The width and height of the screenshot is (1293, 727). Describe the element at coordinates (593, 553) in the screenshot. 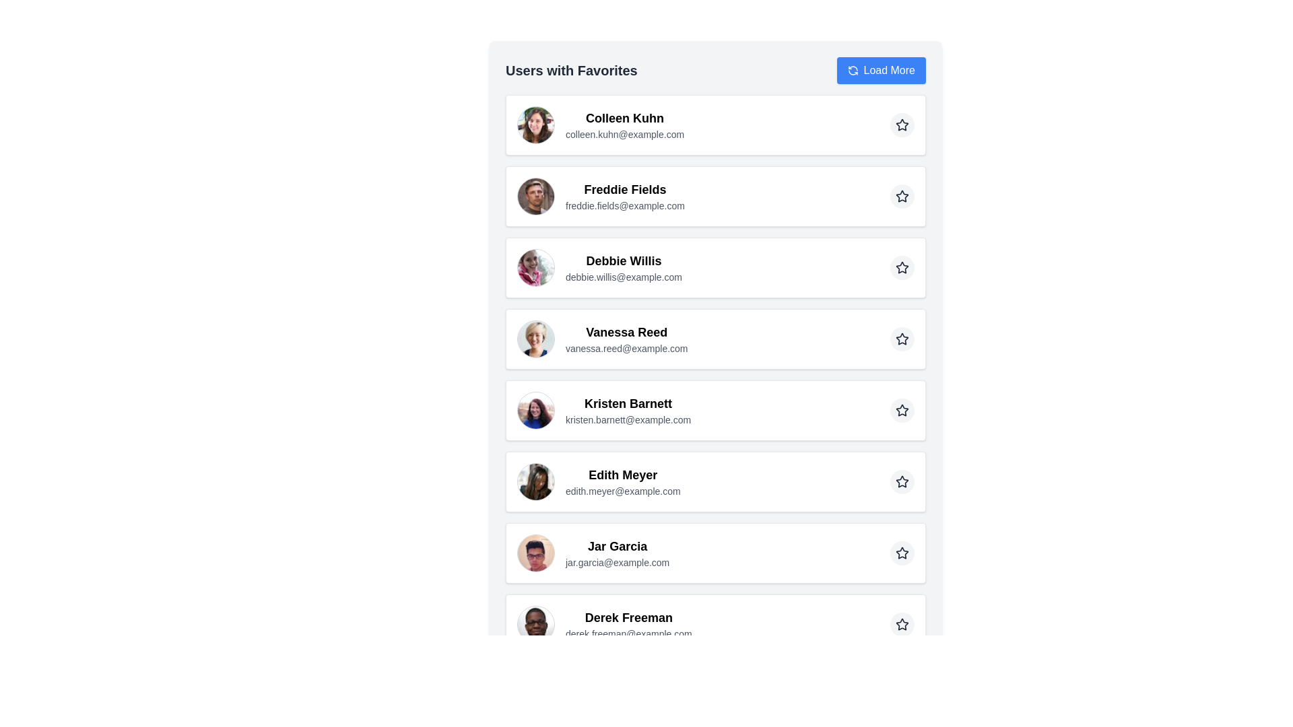

I see `the user profile element displaying the user's name and email, which is the seventh entry` at that location.